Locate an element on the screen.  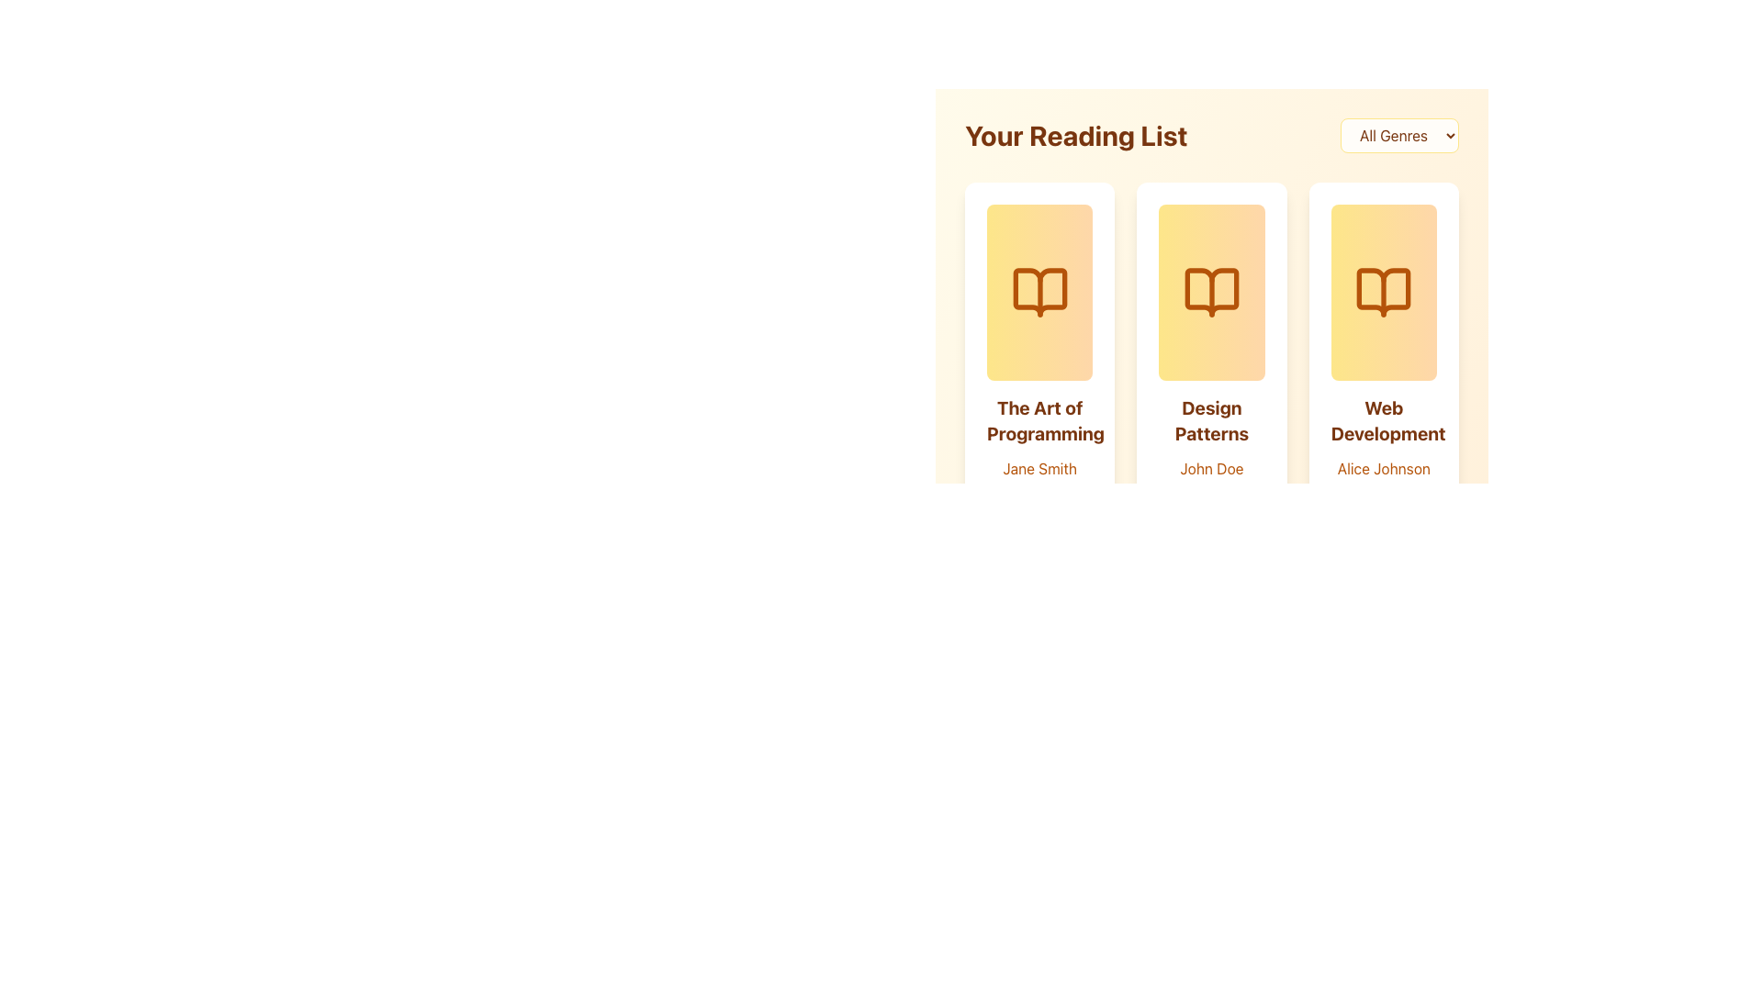
the icon representing the book or literary content on the third card in the 'Your Reading List' section, located above the text 'Web Development' and 'Alice Johnson' is located at coordinates (1384, 292).